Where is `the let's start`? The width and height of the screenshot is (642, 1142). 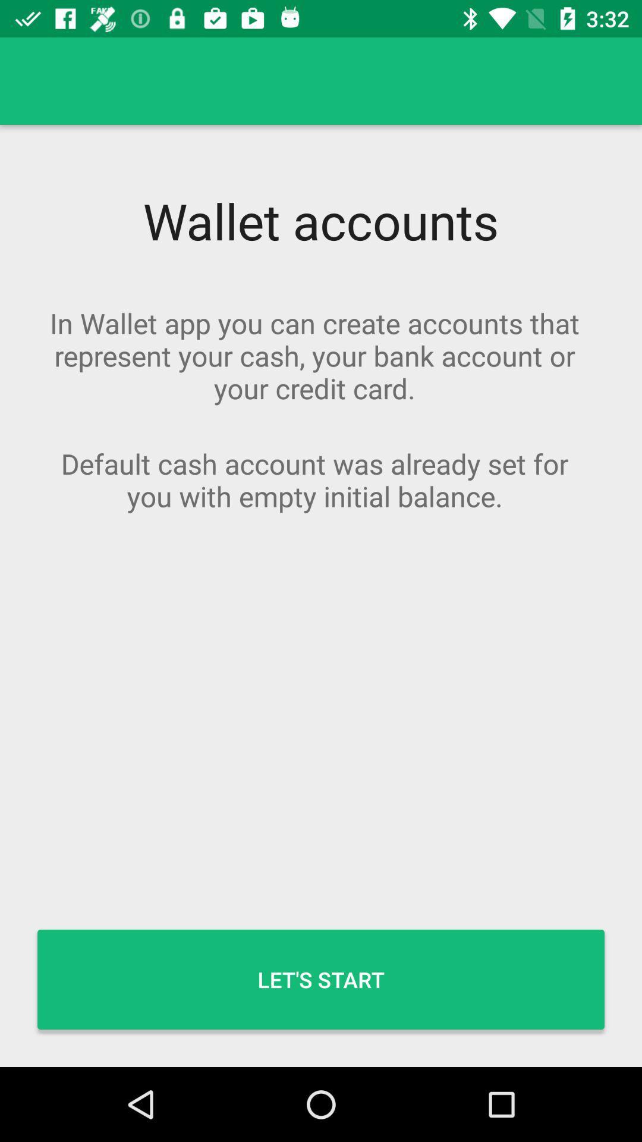 the let's start is located at coordinates (321, 979).